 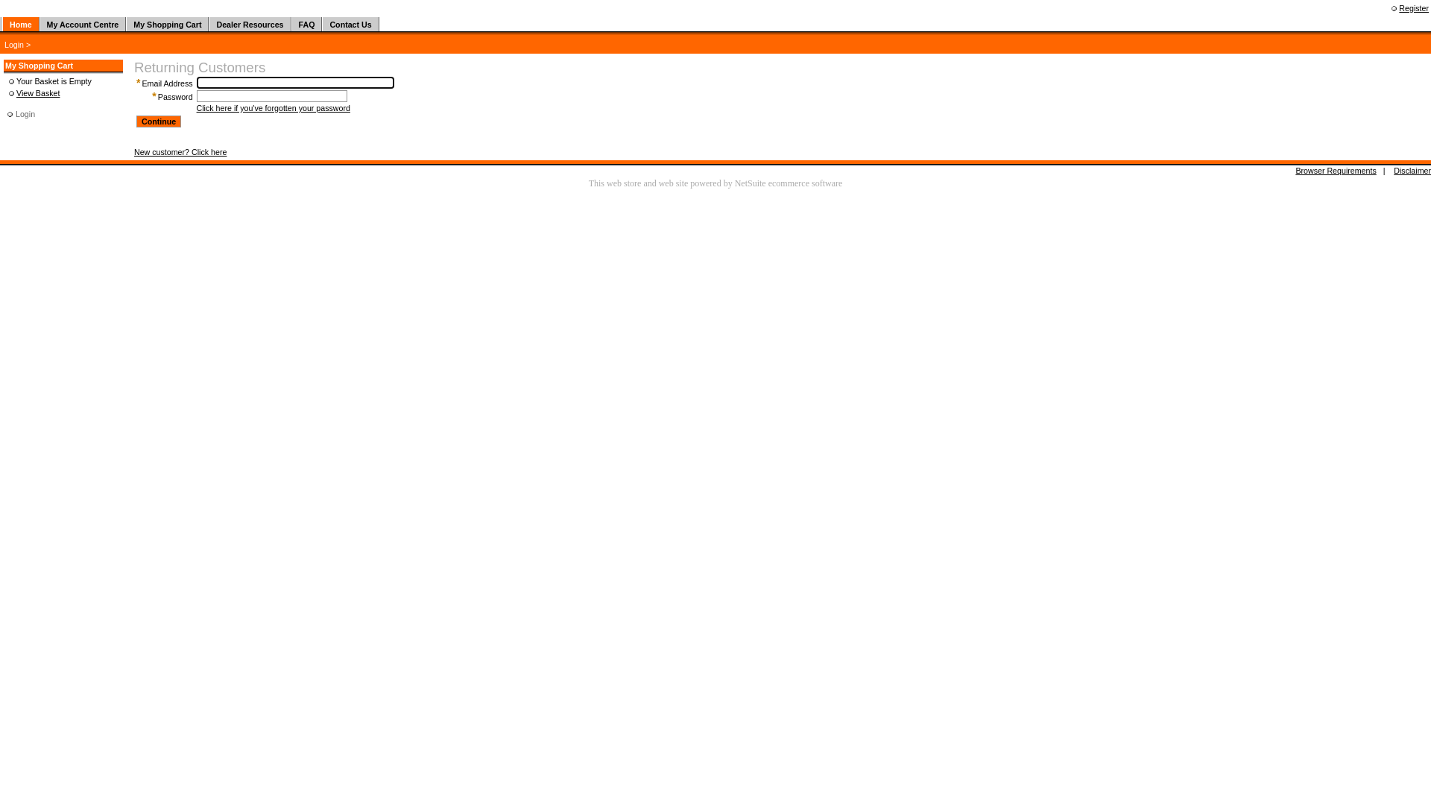 What do you see at coordinates (623, 183) in the screenshot?
I see `'web store'` at bounding box center [623, 183].